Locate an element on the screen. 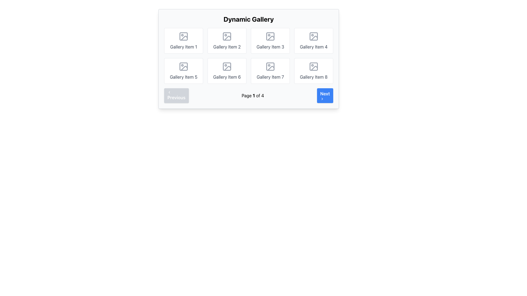  the static text label indicating 'Gallery Item 6' located at the bottom center of the card in the second row and third column of the gallery grid is located at coordinates (227, 77).